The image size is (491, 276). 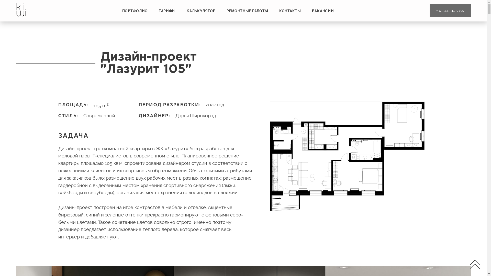 What do you see at coordinates (450, 11) in the screenshot?
I see `'+375 44 511 53 97'` at bounding box center [450, 11].